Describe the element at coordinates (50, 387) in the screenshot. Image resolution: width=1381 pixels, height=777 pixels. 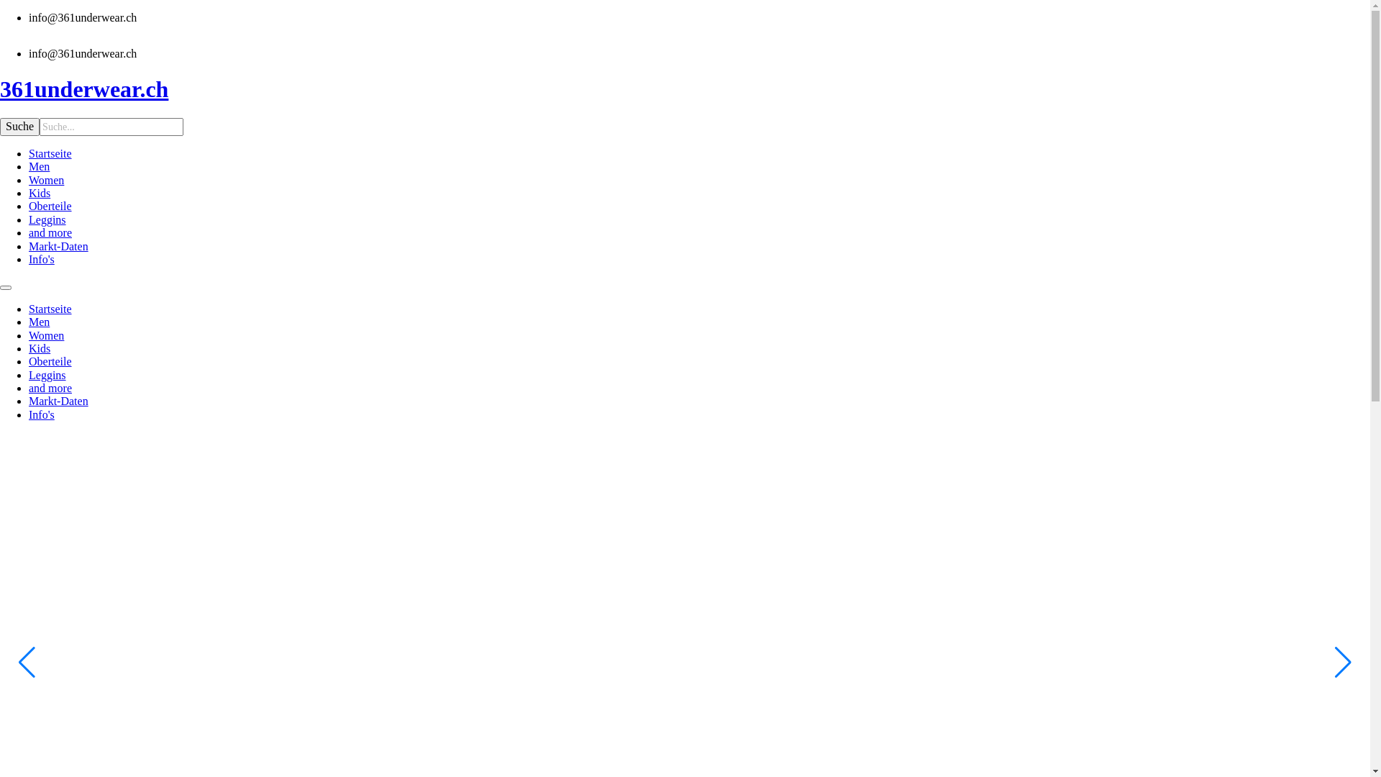
I see `'and more'` at that location.